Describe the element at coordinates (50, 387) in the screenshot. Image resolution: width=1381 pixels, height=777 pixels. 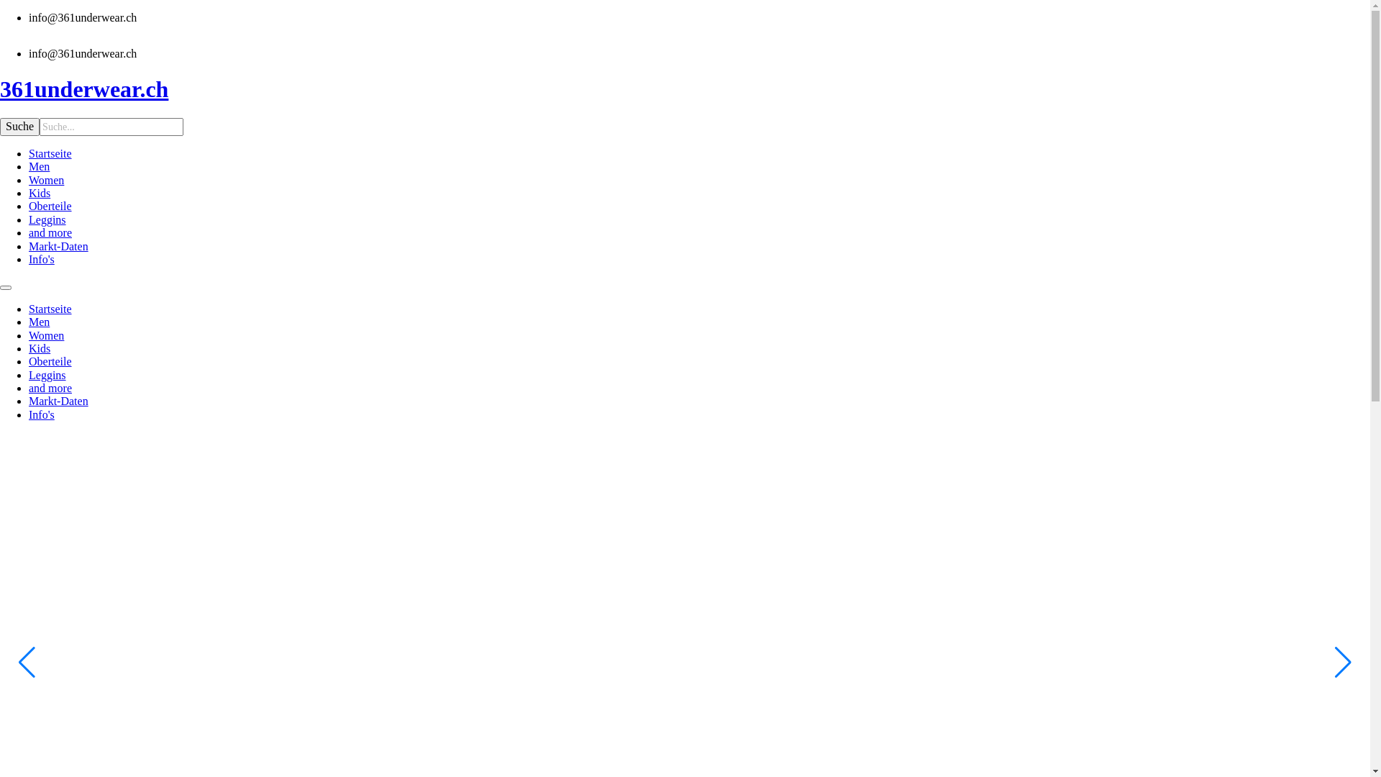
I see `'and more'` at that location.